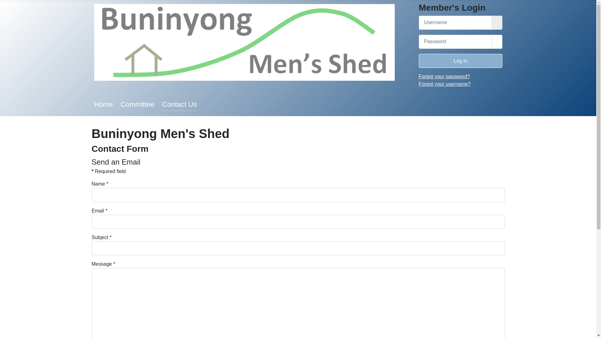 This screenshot has width=601, height=338. Describe the element at coordinates (444, 76) in the screenshot. I see `'Forgot your password?'` at that location.